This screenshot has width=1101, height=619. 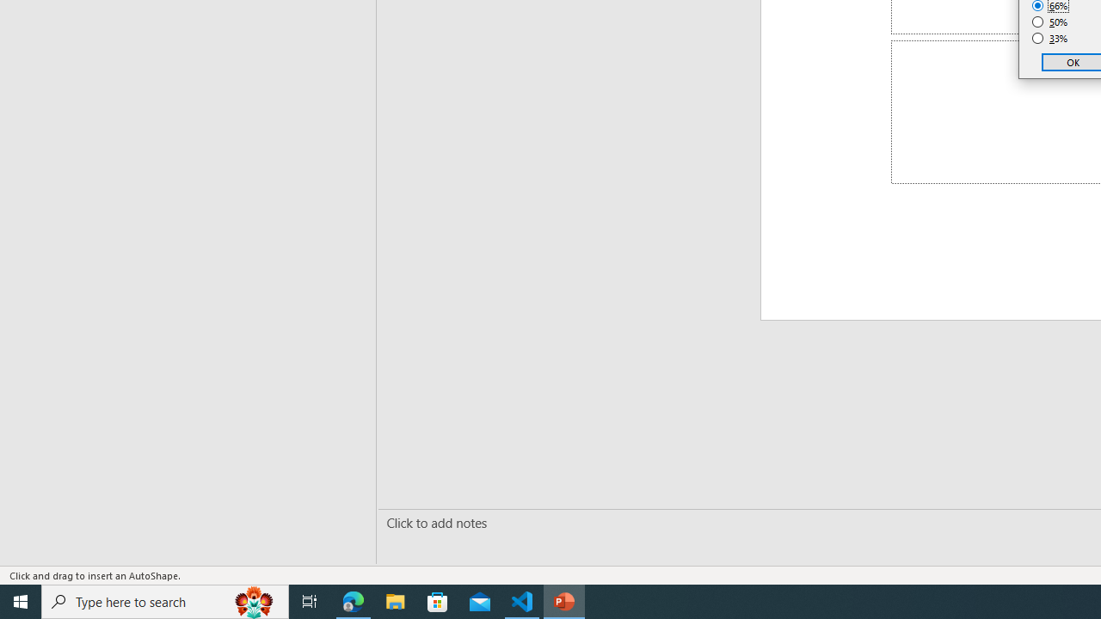 I want to click on '33%', so click(x=1049, y=39).